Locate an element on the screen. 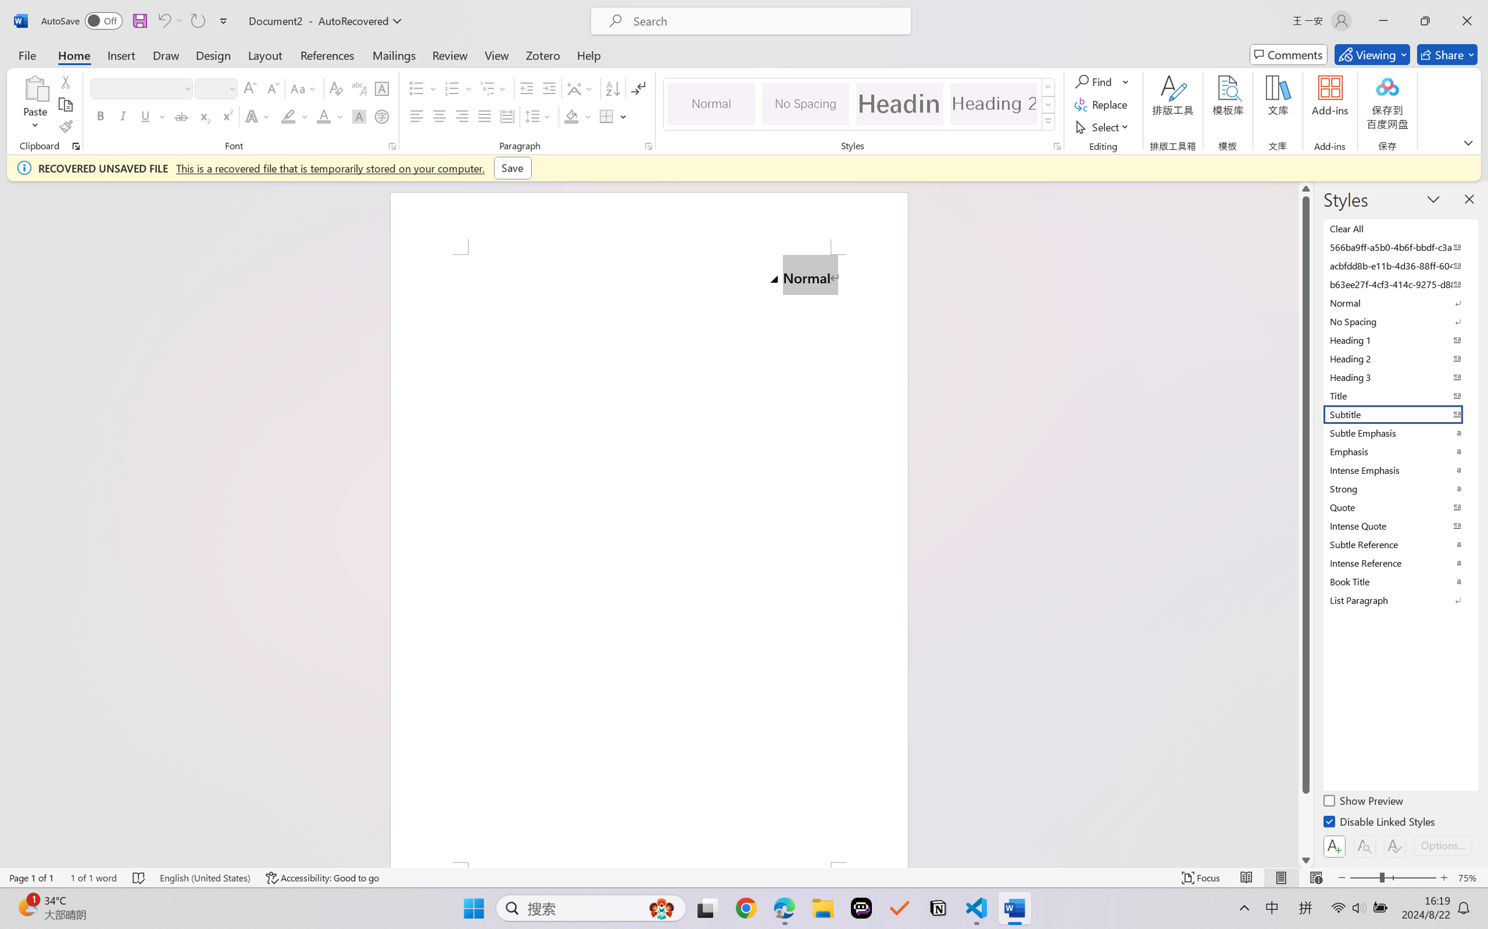 The height and width of the screenshot is (929, 1488). 'Show Preview' is located at coordinates (1364, 802).